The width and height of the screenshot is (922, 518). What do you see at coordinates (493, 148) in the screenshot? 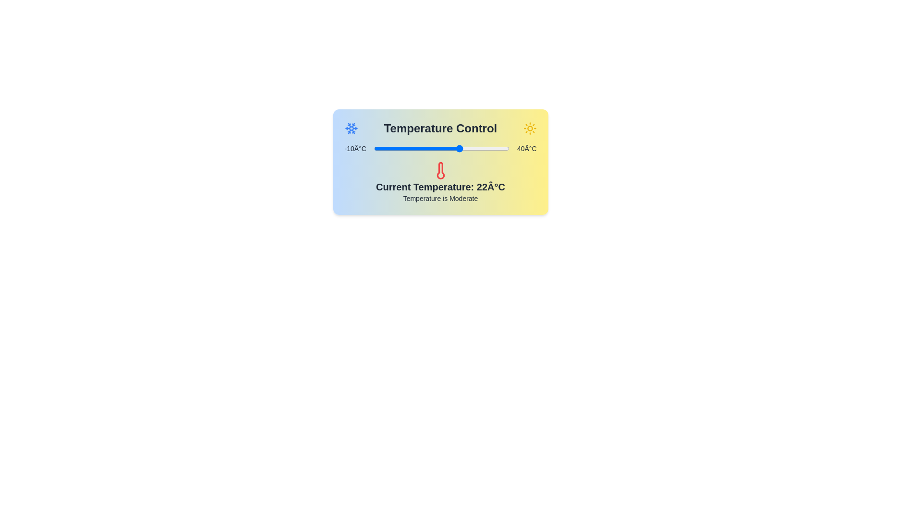
I see `the temperature slider to set the temperature to 34°C` at bounding box center [493, 148].